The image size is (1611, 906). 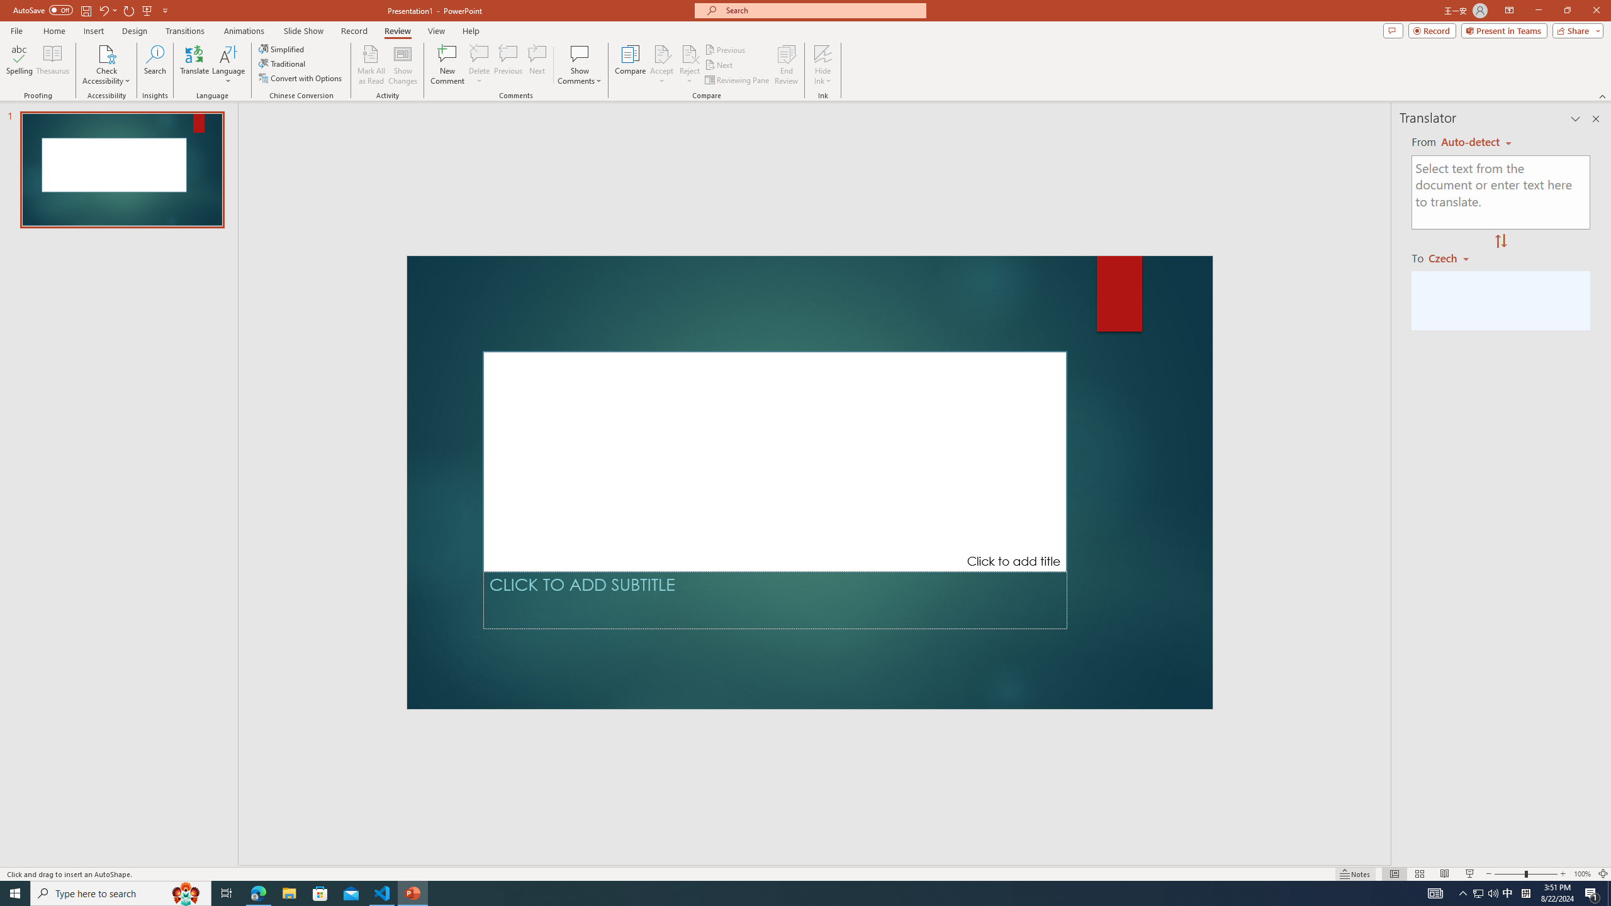 I want to click on 'Previous', so click(x=726, y=49).